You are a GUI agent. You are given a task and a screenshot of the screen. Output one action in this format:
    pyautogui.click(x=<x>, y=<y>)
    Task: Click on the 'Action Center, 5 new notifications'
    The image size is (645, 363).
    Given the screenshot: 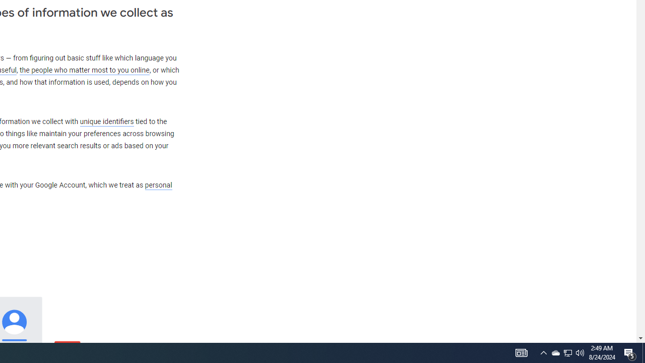 What is the action you would take?
    pyautogui.click(x=630, y=352)
    